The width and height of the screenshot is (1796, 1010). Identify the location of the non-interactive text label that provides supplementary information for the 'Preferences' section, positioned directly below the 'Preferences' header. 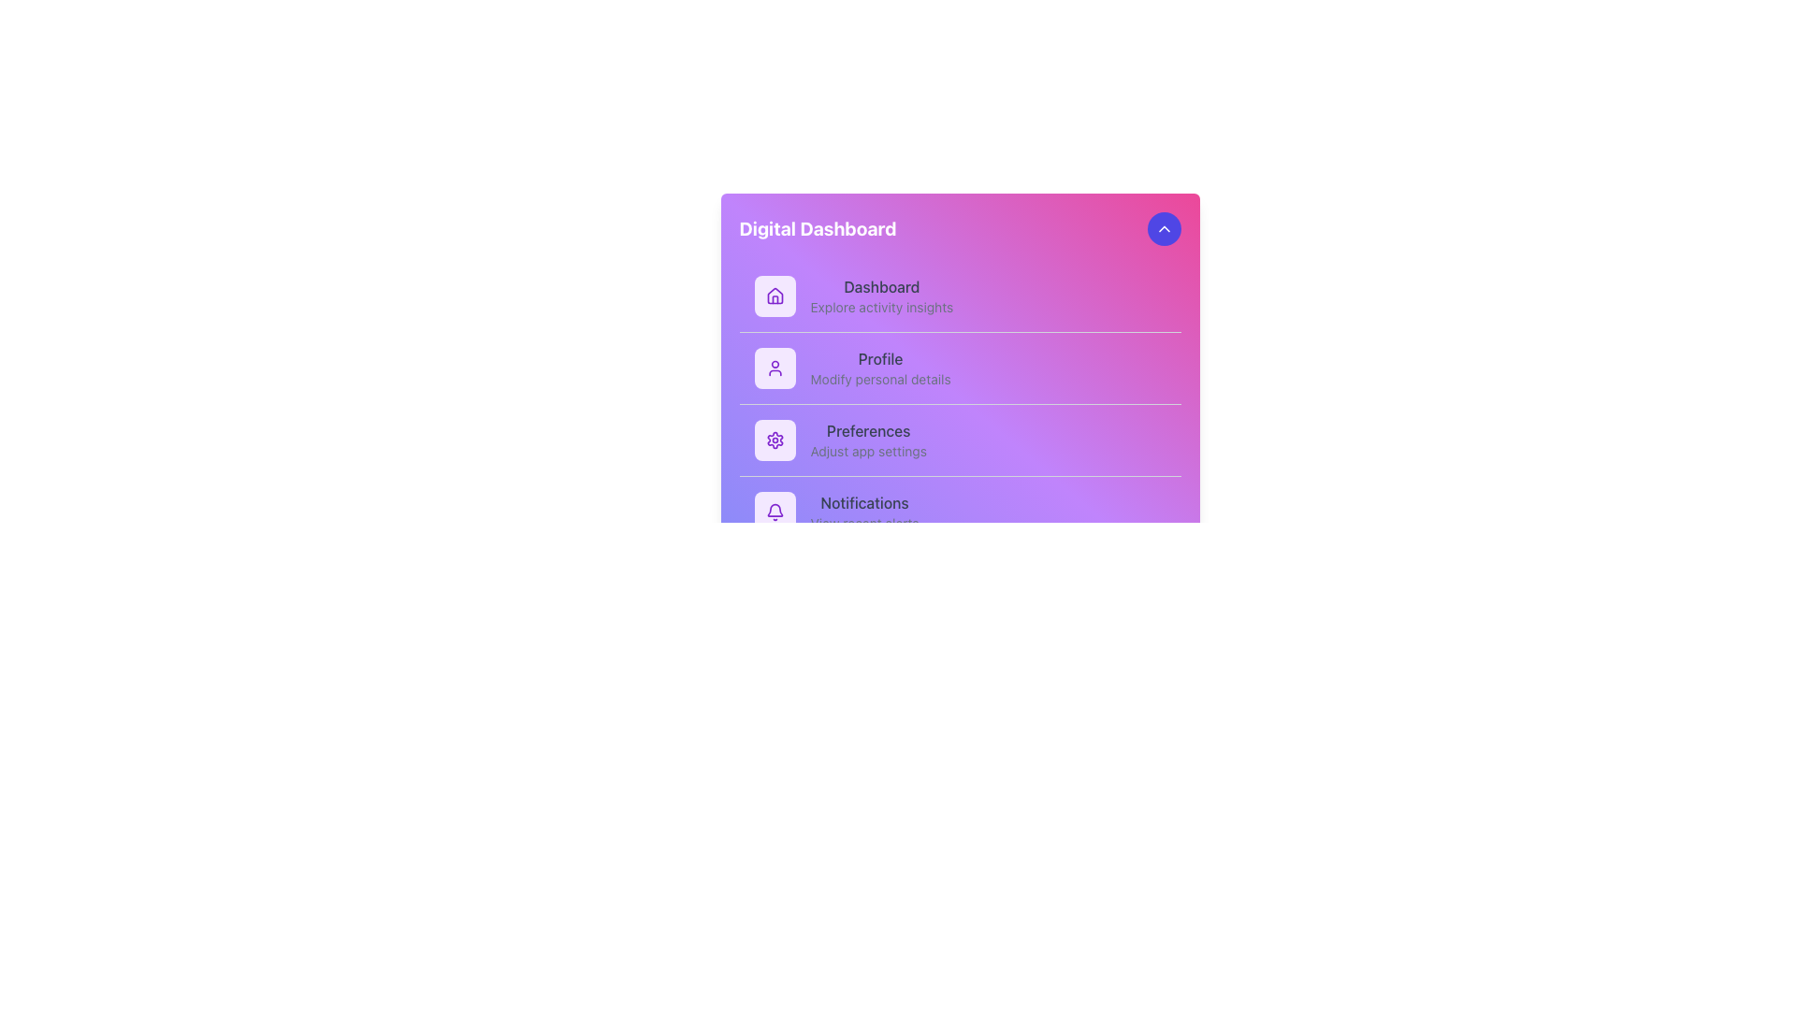
(867, 451).